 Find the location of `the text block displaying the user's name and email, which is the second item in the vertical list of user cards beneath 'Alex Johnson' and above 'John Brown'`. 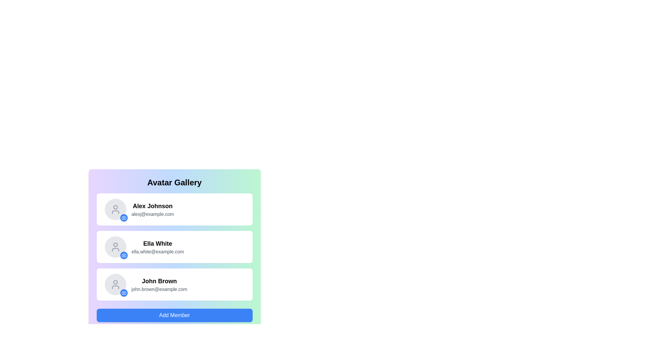

the text block displaying the user's name and email, which is the second item in the vertical list of user cards beneath 'Alex Johnson' and above 'John Brown' is located at coordinates (157, 247).